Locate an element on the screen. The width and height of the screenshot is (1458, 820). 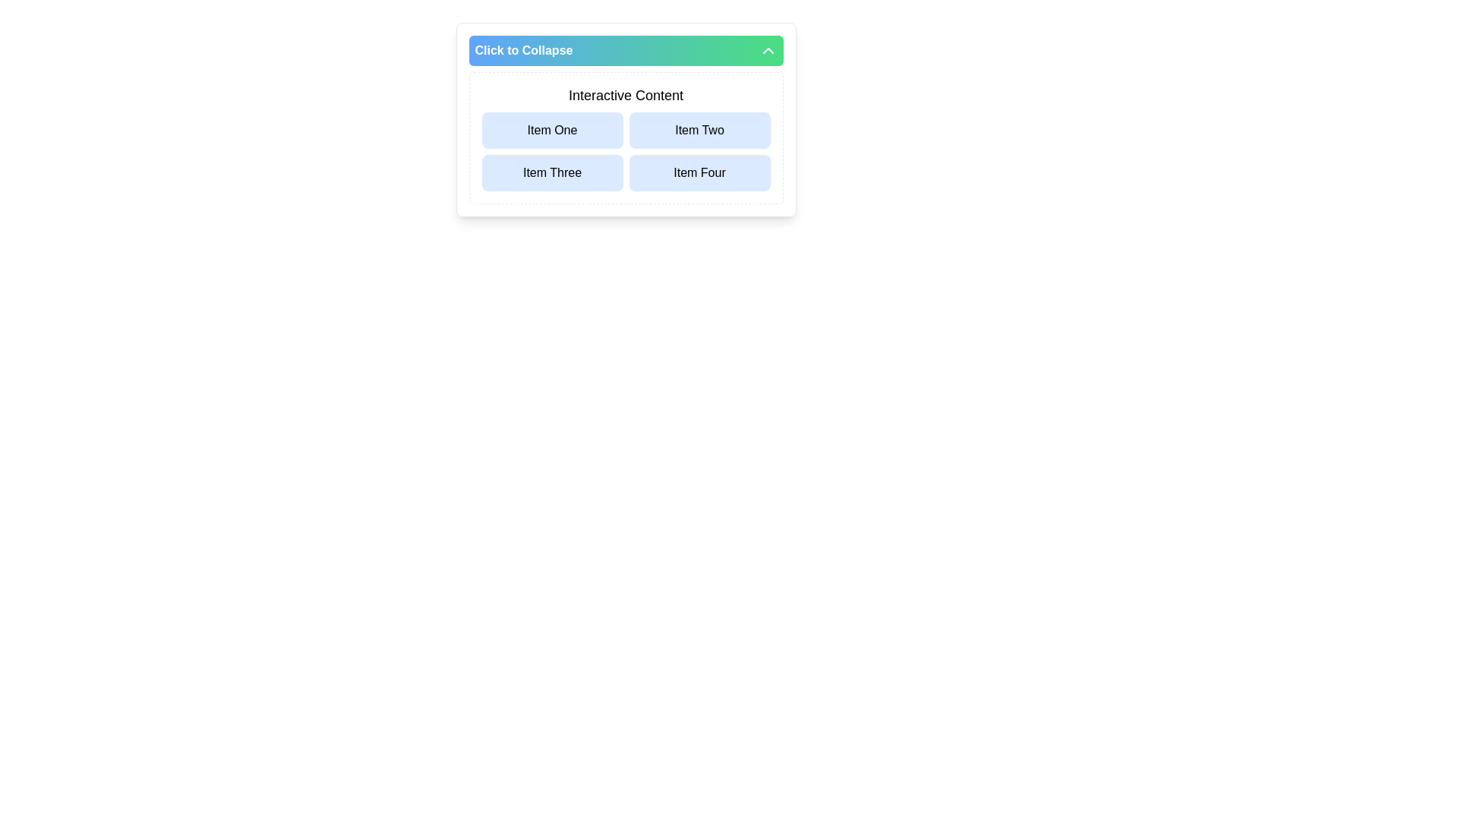
the static button labeled 'Item Three', which has a light blue background and contains the text 'Item Three' in black, centered within the button is located at coordinates (551, 172).